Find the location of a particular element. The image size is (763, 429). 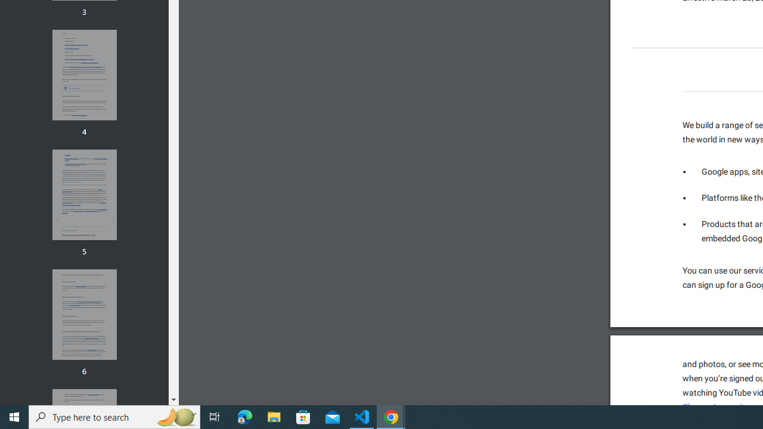

'Thumbnail for page 5' is located at coordinates (83, 194).